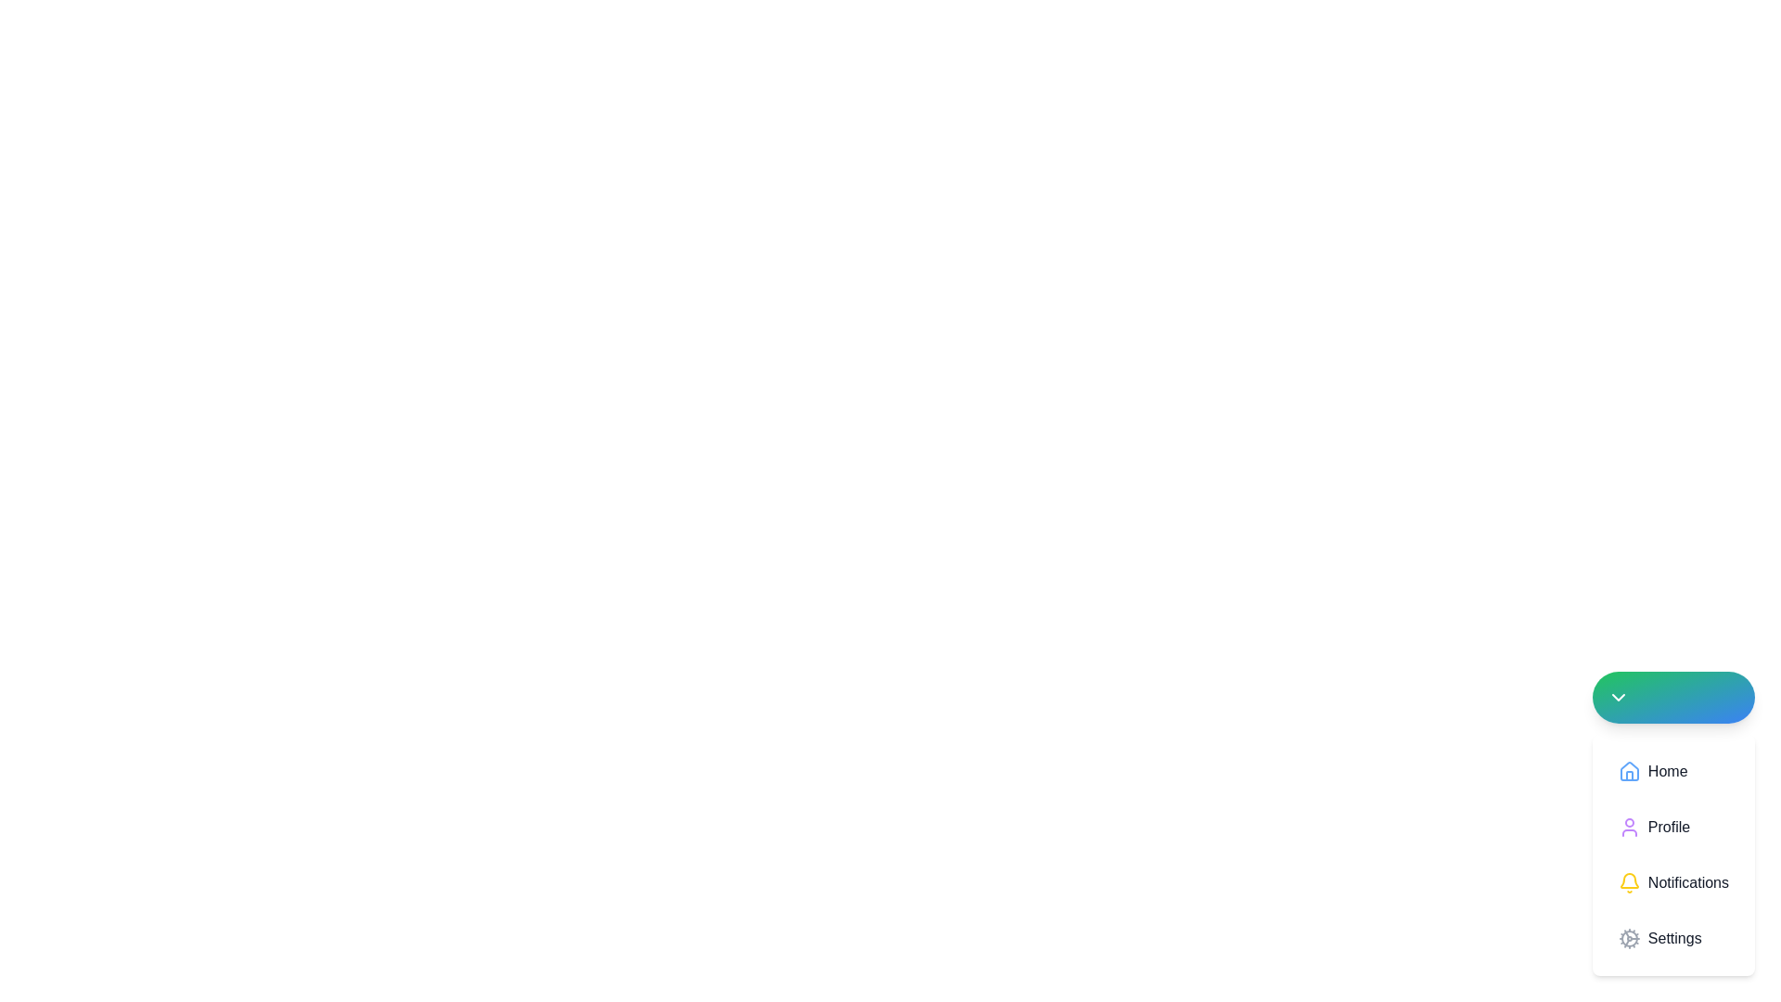  I want to click on the navigation button located in the vertical menu, so click(1673, 772).